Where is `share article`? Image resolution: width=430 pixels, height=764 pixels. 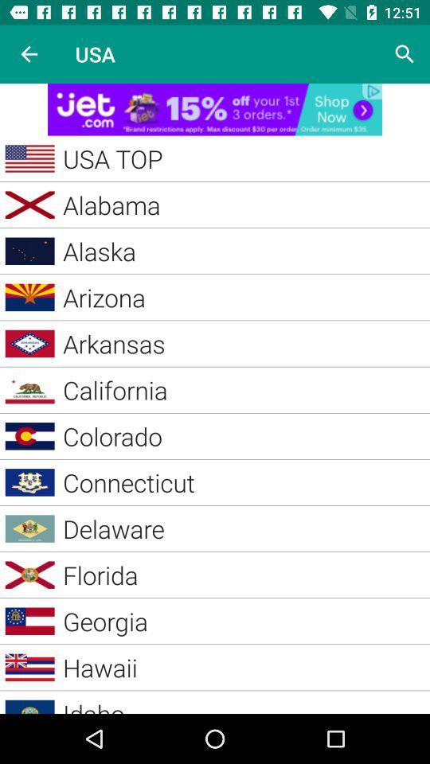
share article is located at coordinates (215, 108).